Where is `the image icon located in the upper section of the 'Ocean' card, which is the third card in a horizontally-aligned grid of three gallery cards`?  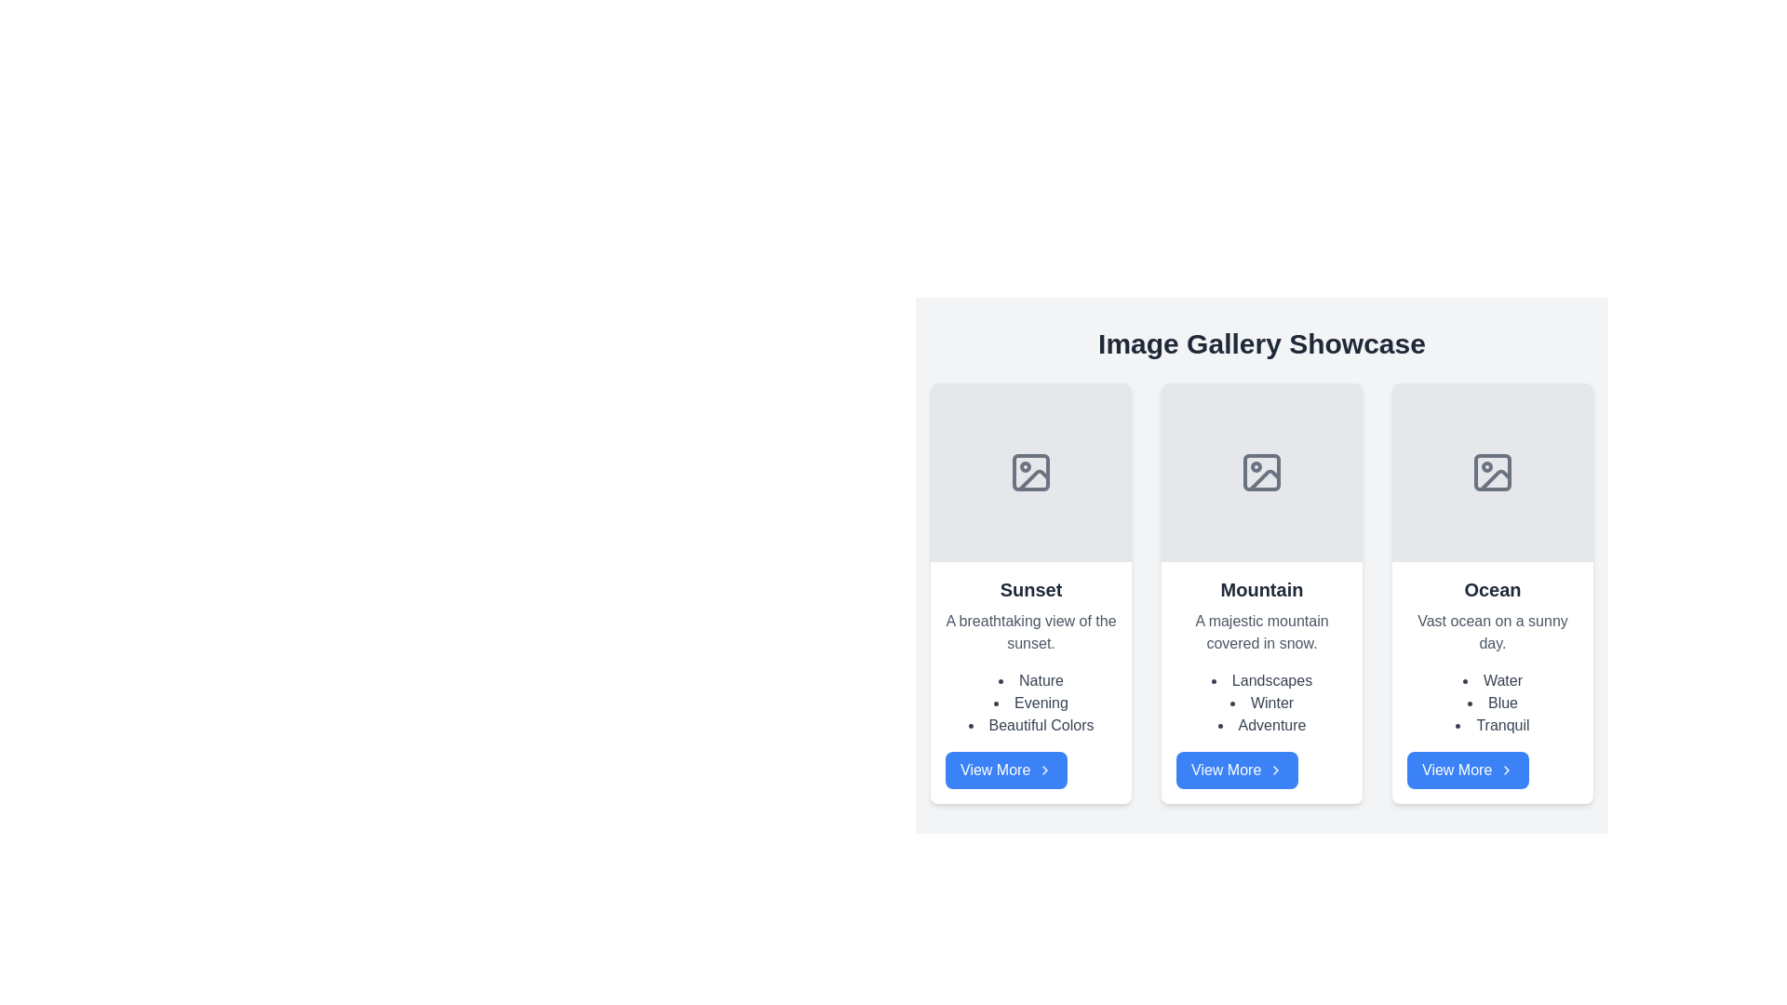 the image icon located in the upper section of the 'Ocean' card, which is the third card in a horizontally-aligned grid of three gallery cards is located at coordinates (1492, 472).